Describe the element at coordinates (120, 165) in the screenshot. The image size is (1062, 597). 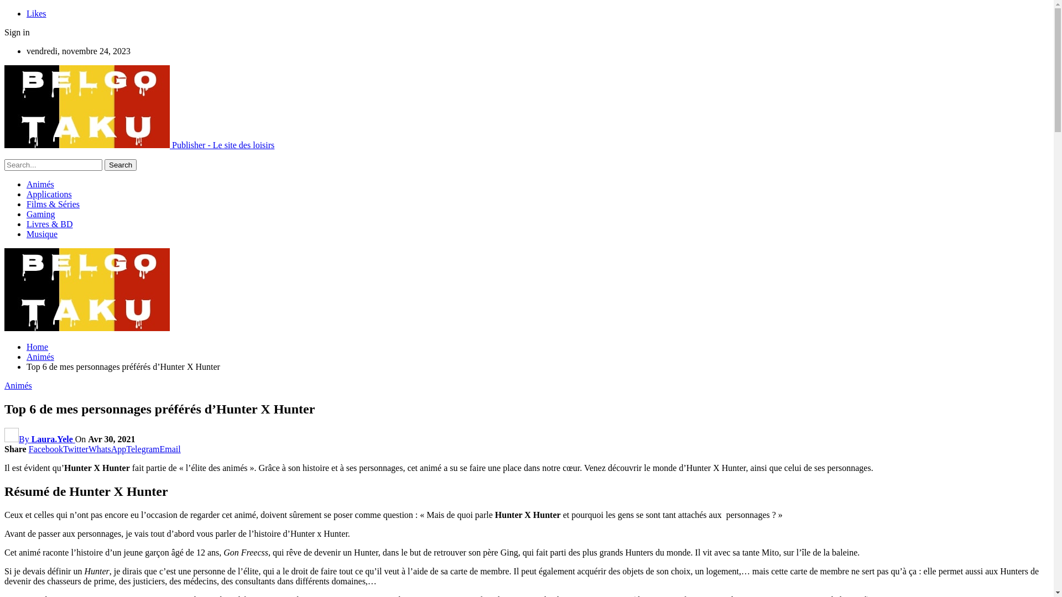
I see `'Search'` at that location.